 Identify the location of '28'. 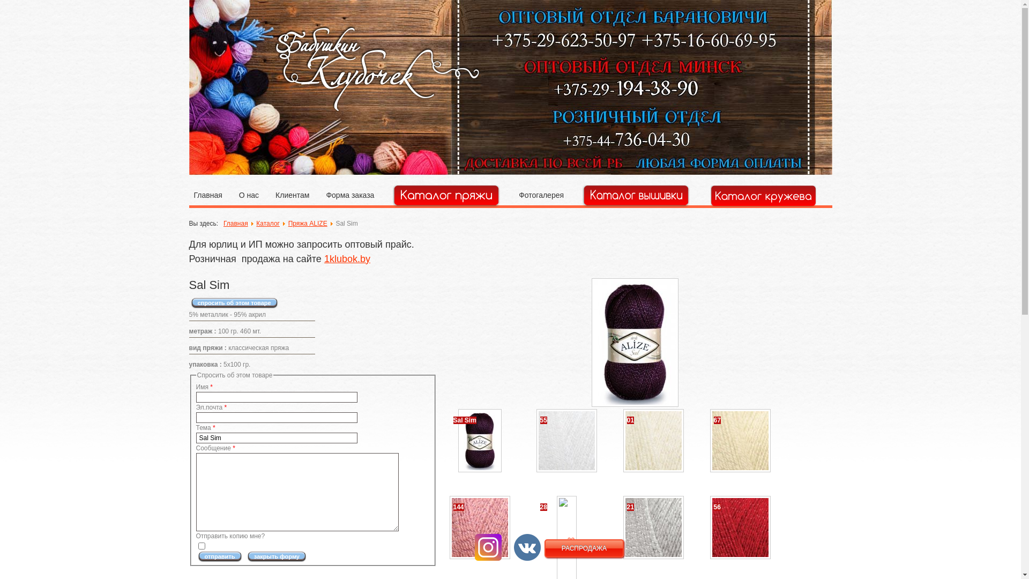
(556, 539).